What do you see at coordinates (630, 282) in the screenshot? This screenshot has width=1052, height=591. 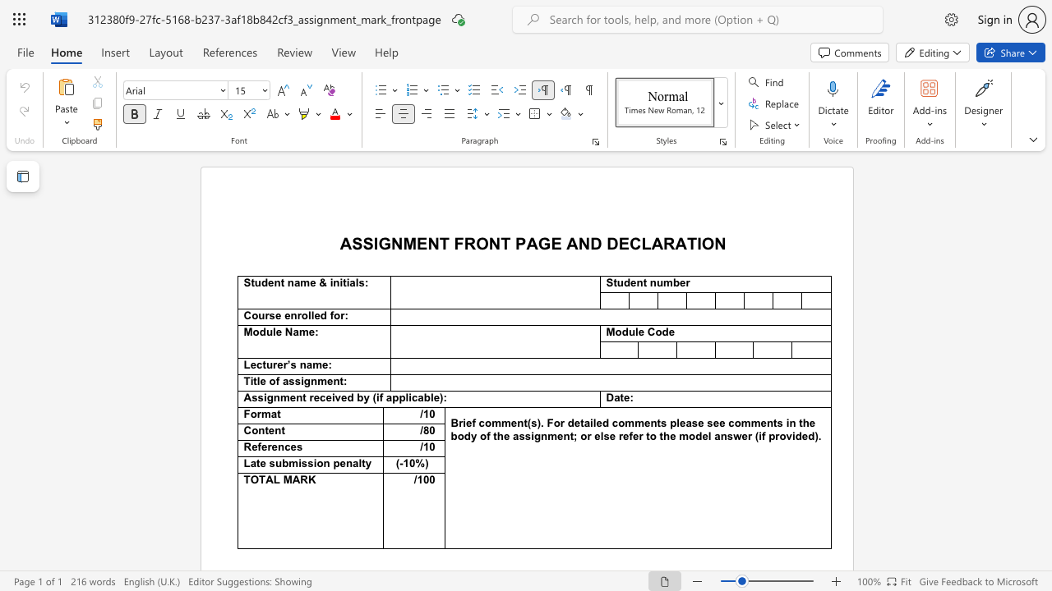 I see `the subset text "en" within the text "Student number"` at bounding box center [630, 282].